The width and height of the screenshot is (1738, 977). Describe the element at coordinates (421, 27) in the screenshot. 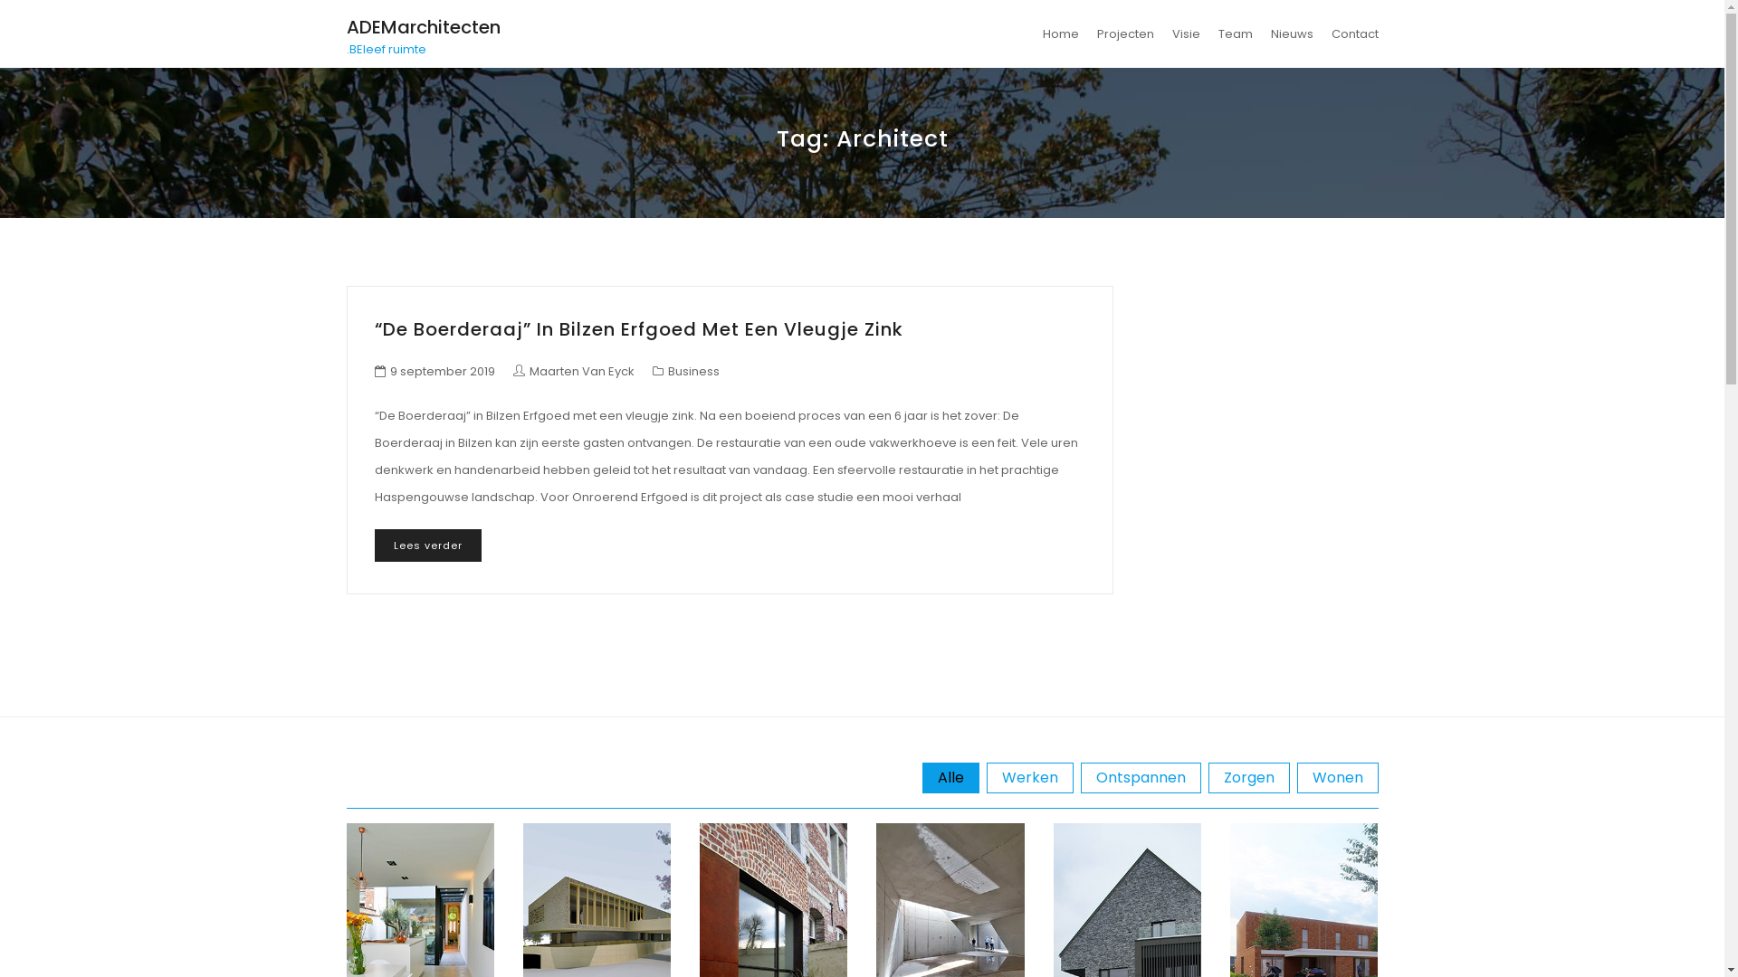

I see `'ADEMarchitecten'` at that location.